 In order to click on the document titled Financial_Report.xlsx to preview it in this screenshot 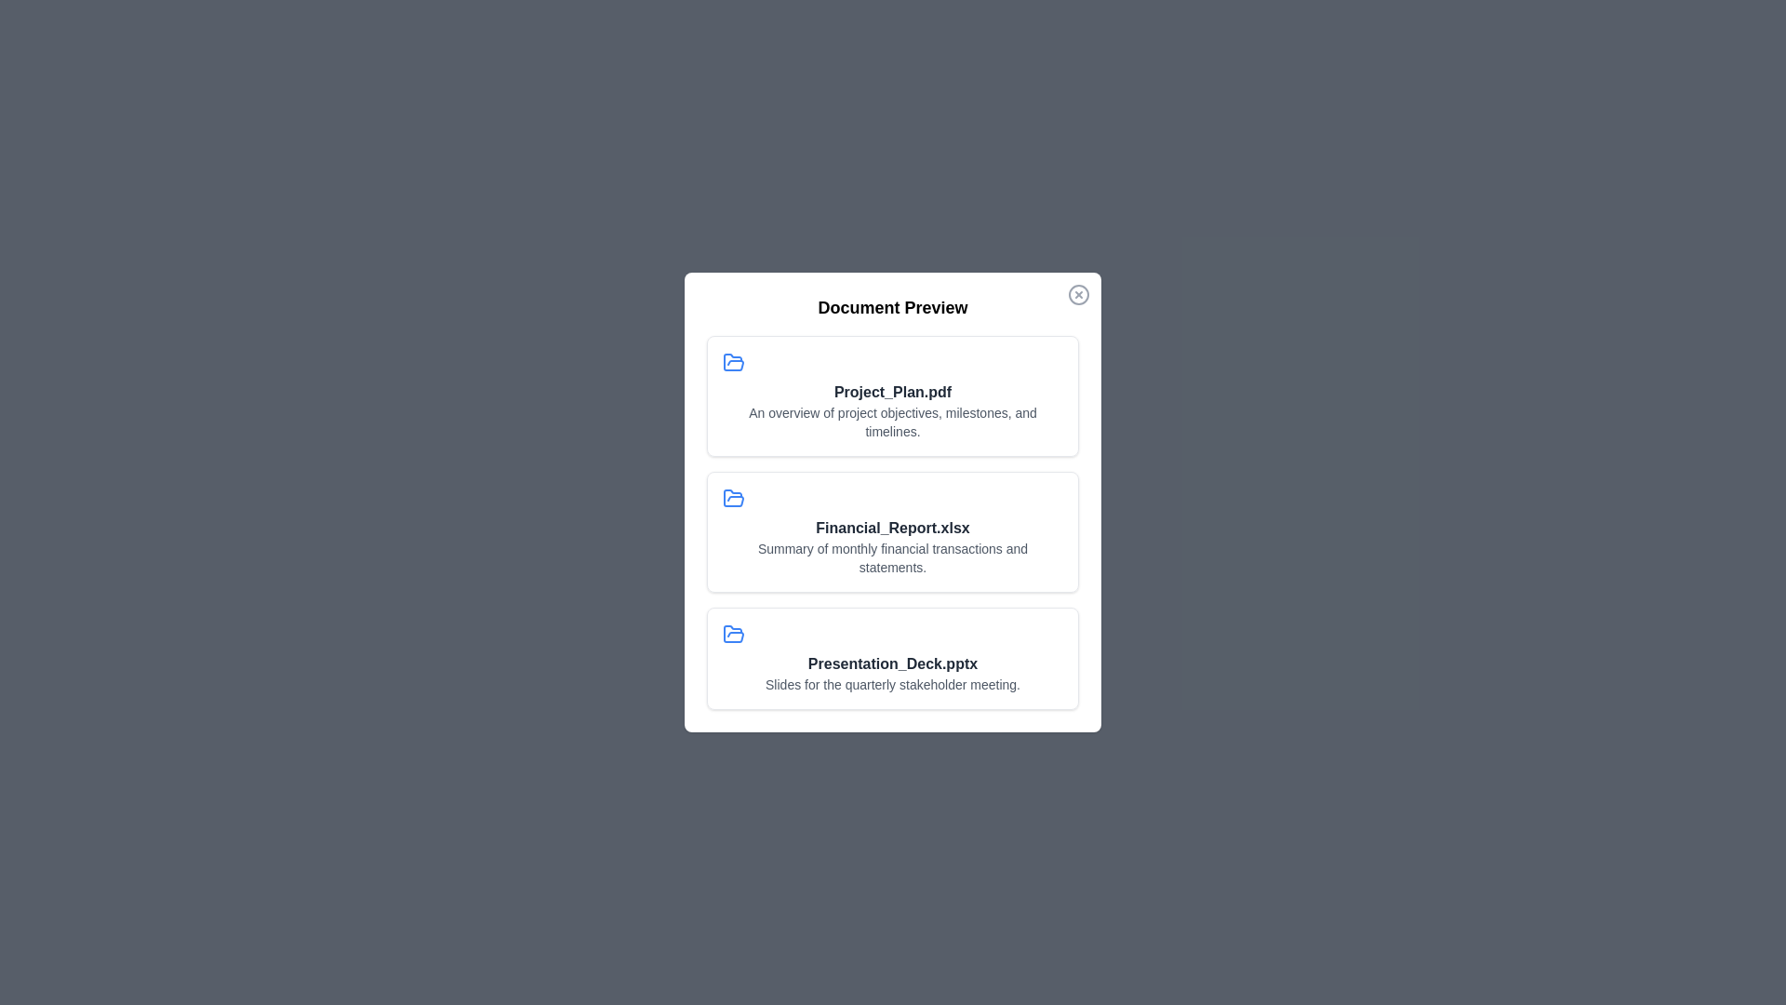, I will do `click(893, 531)`.